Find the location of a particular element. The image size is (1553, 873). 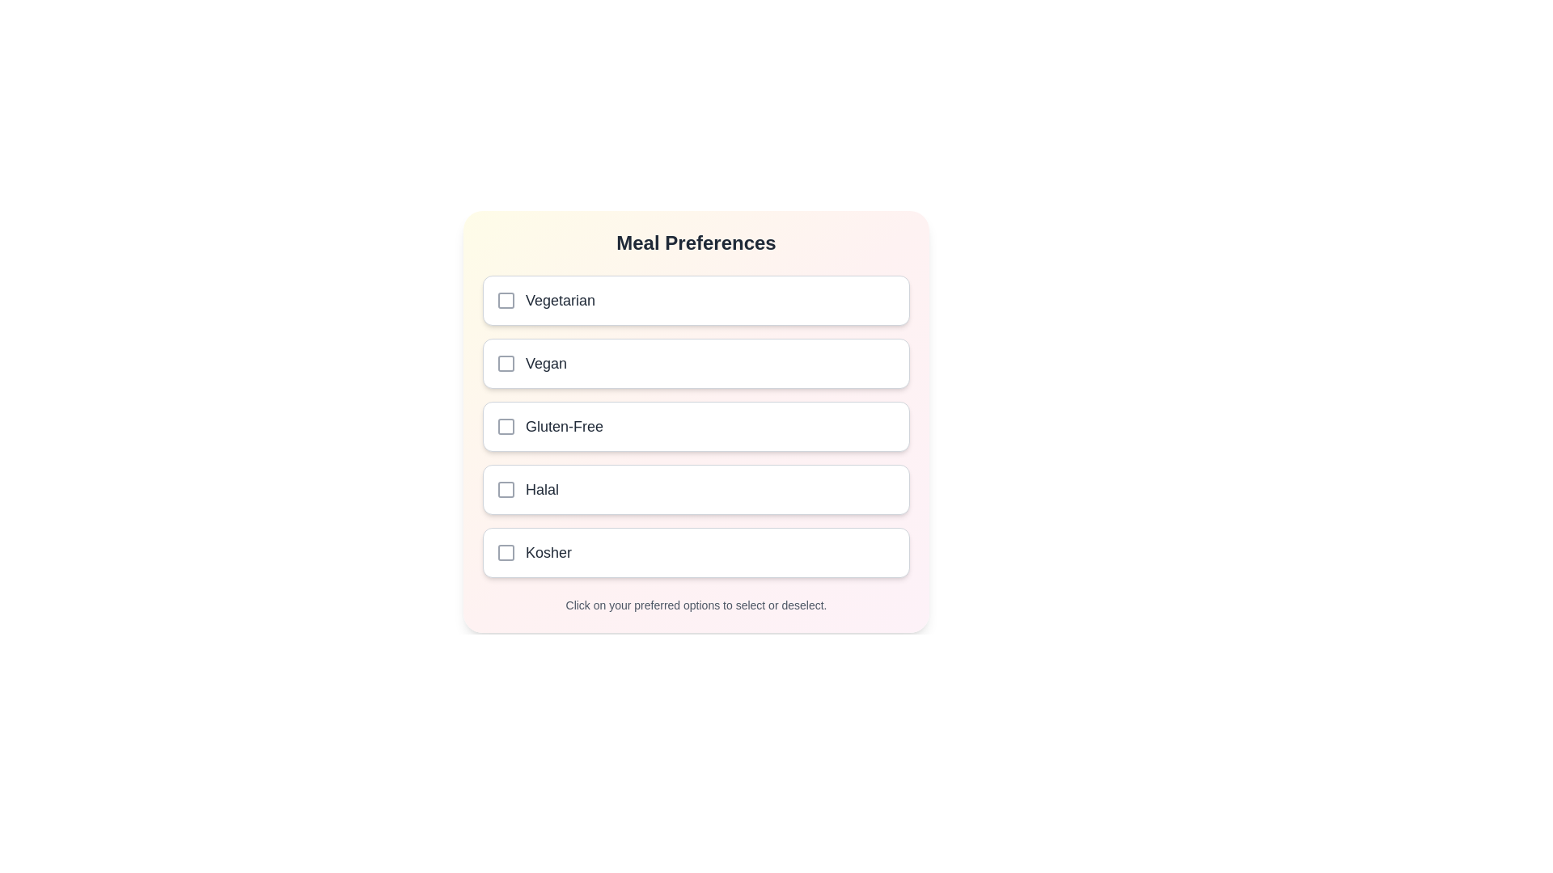

the meal preference Kosher is located at coordinates (696, 551).